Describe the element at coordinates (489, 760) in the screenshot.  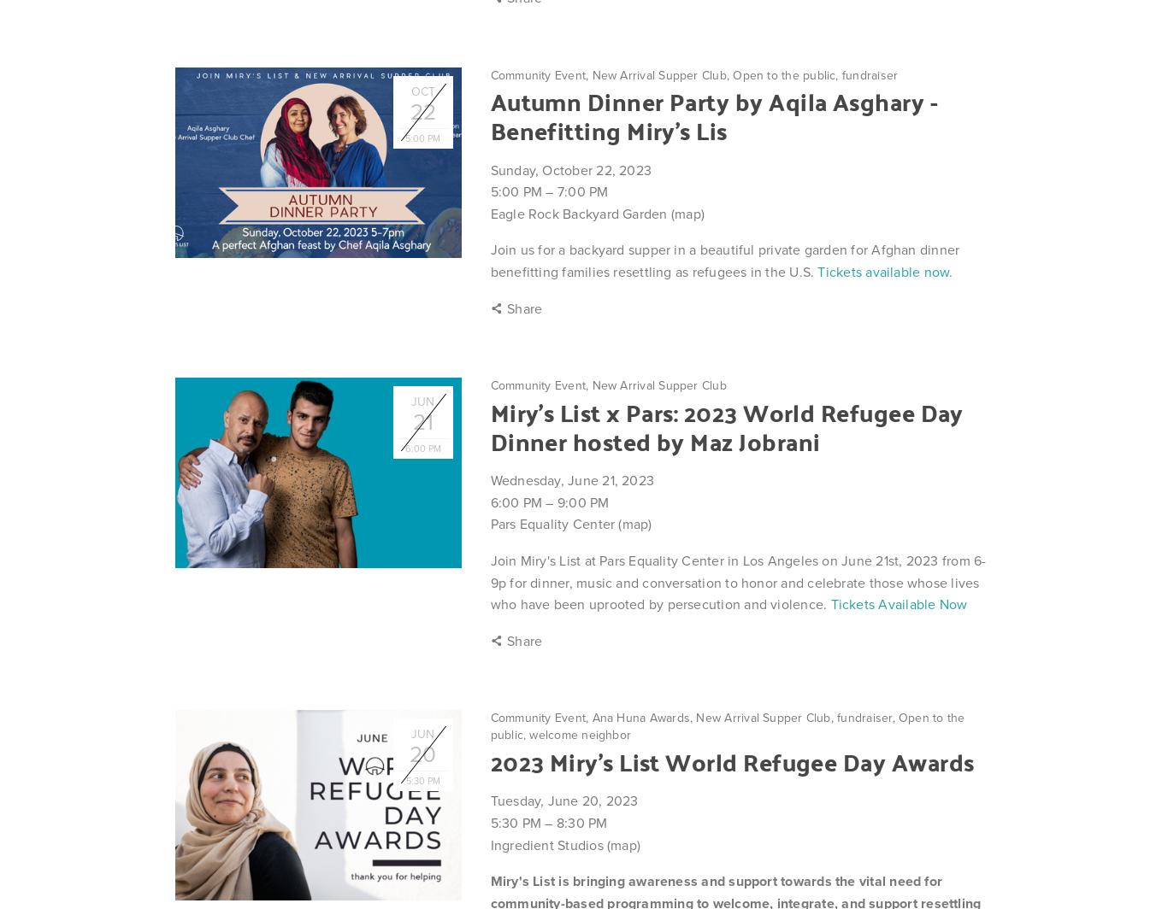
I see `'2023 Miry's List World Refugee Day  Awards'` at that location.